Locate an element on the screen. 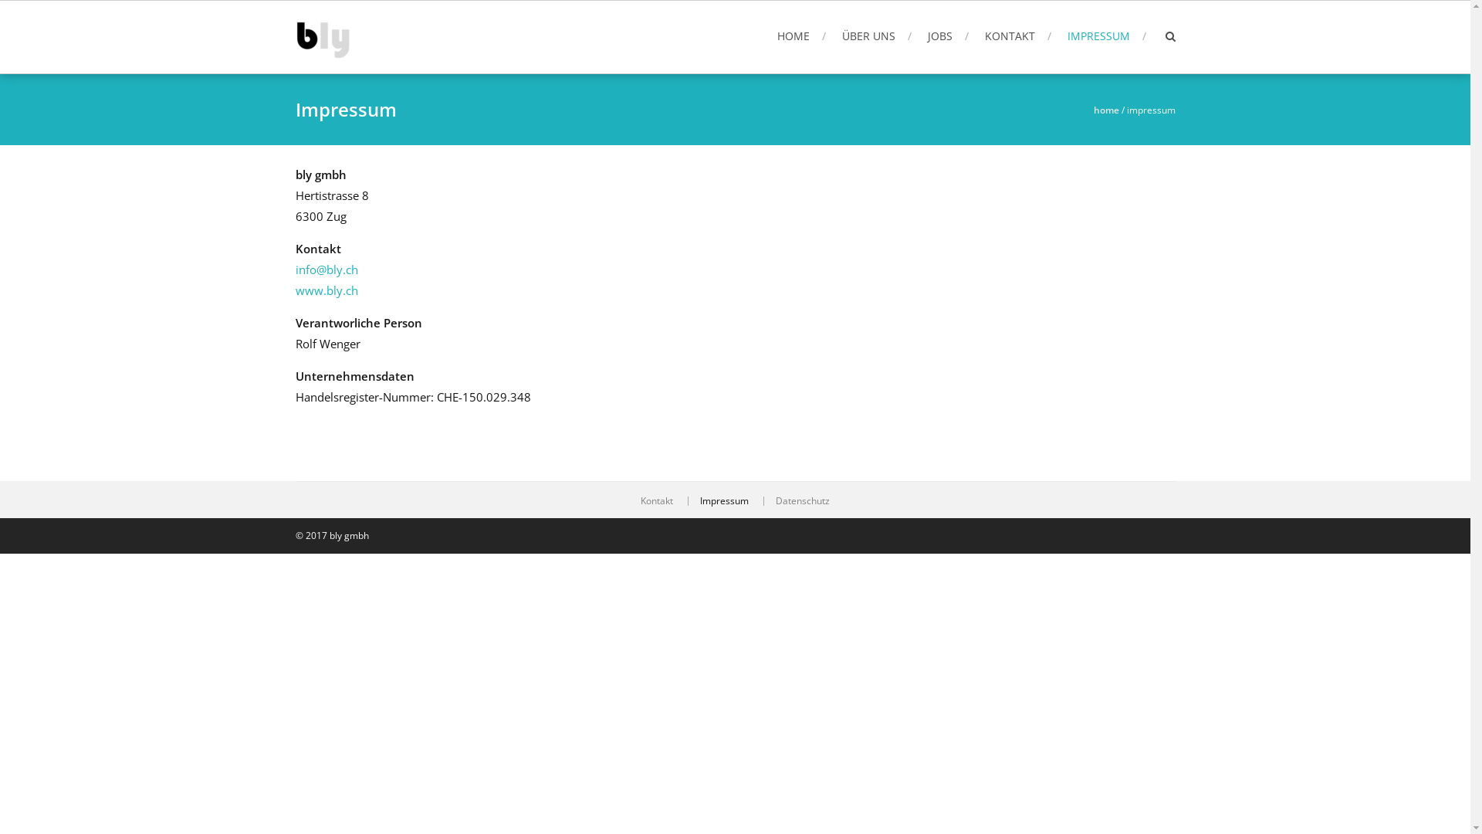 Image resolution: width=1482 pixels, height=834 pixels. 'Datenschutz' is located at coordinates (802, 500).